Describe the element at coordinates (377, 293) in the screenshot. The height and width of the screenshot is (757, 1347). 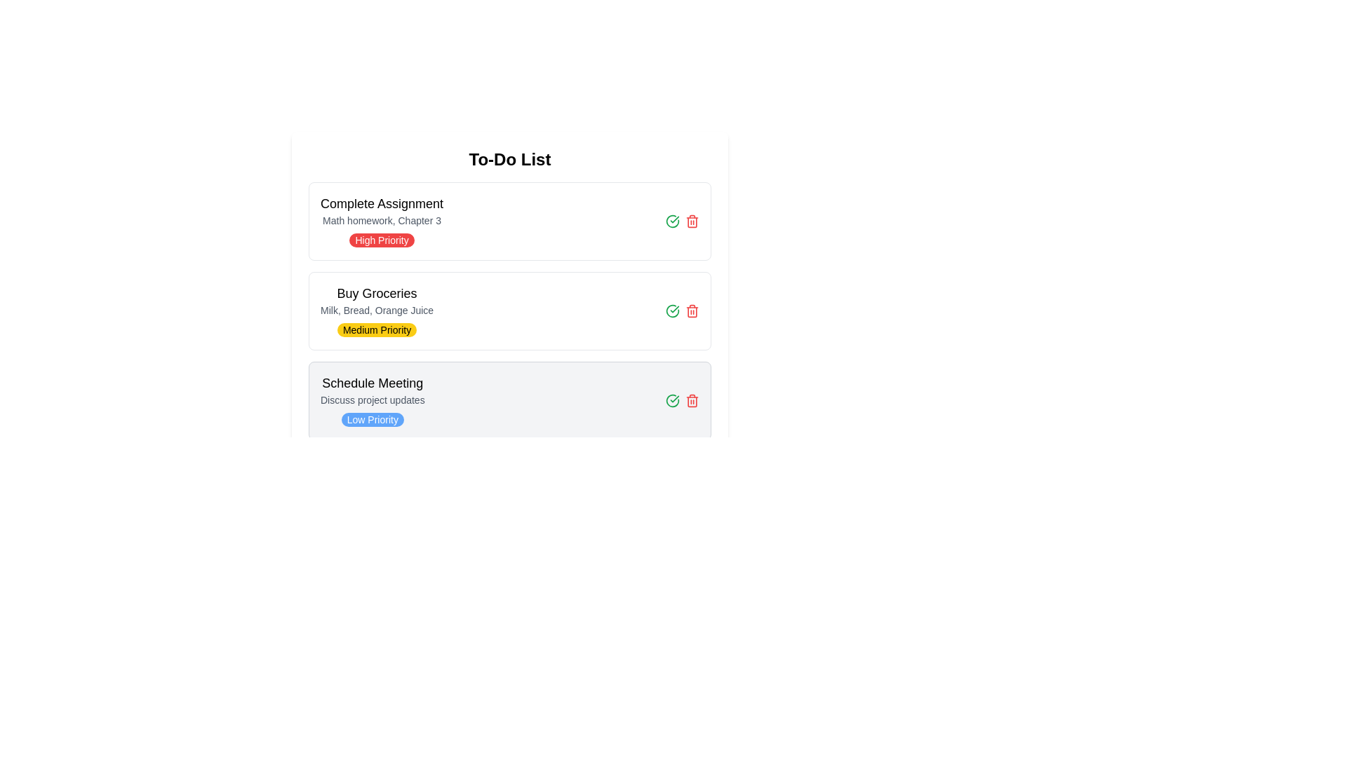
I see `the Text Label representing the title or heading of the task in the second card of the To-Do List, located below the 'Complete Assignment' card` at that location.